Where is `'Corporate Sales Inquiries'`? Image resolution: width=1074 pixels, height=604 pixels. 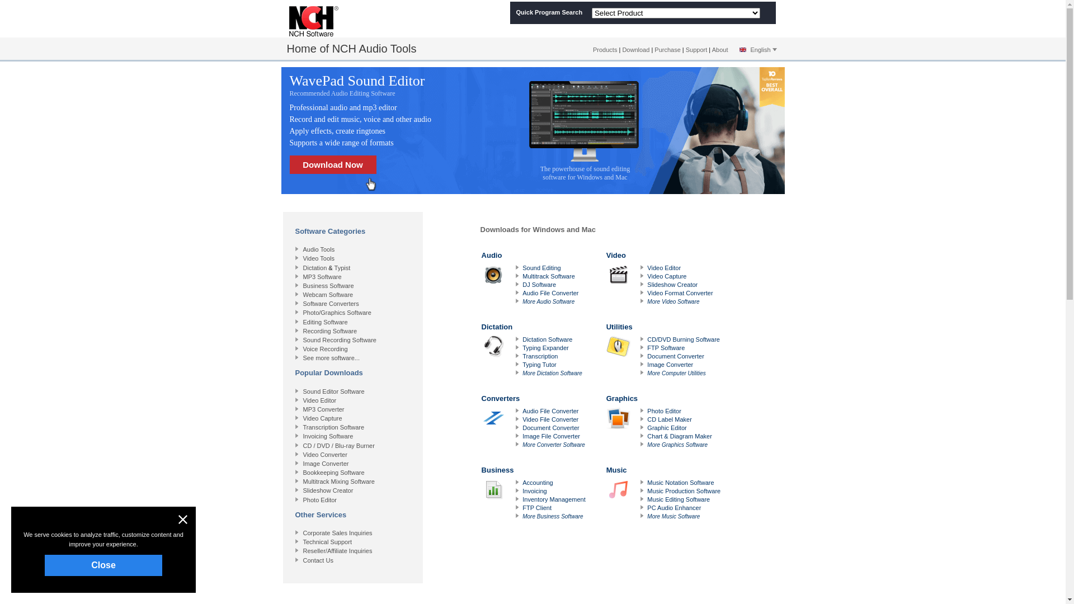 'Corporate Sales Inquiries' is located at coordinates (337, 532).